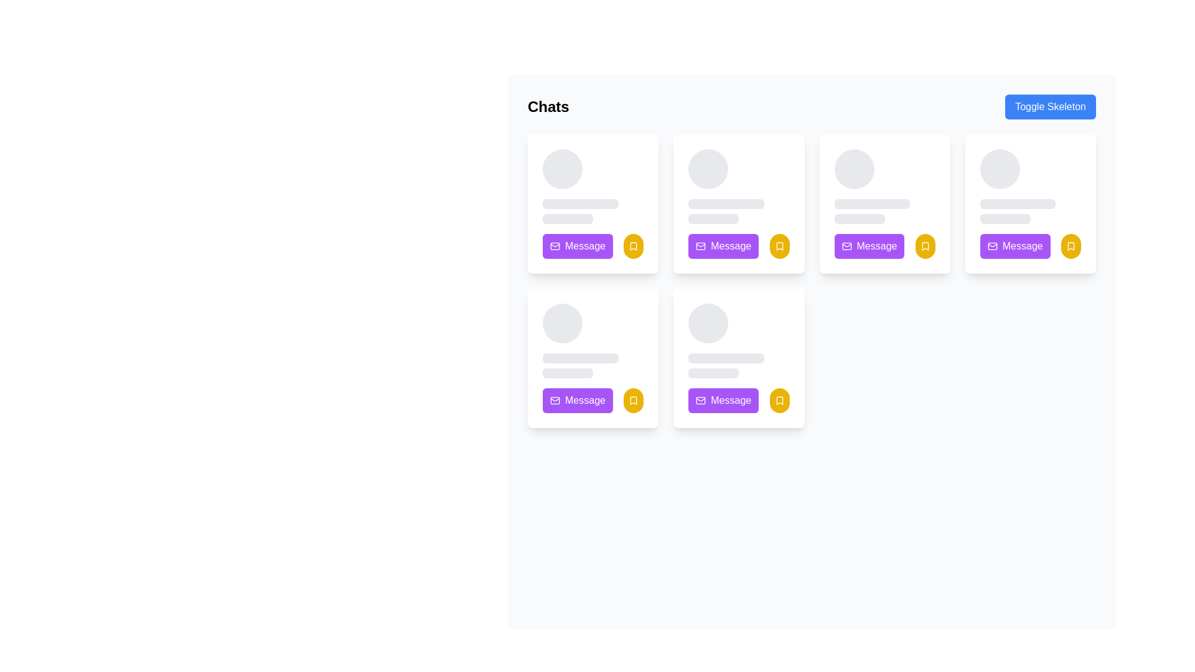 Image resolution: width=1195 pixels, height=672 pixels. What do you see at coordinates (991, 246) in the screenshot?
I see `rectangular SVG Vector Graphic Component that represents a mail envelope, located within the third card on the top row of the user cards grid` at bounding box center [991, 246].